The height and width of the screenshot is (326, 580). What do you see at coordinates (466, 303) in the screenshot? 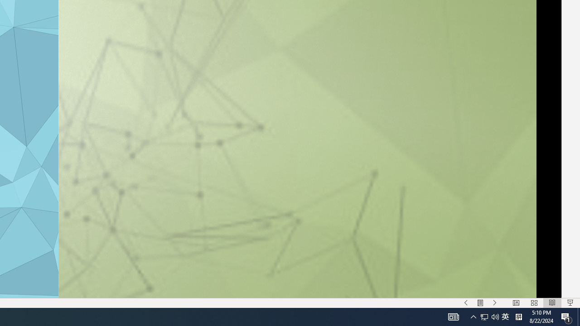
I see `'Slide Show Previous On'` at bounding box center [466, 303].